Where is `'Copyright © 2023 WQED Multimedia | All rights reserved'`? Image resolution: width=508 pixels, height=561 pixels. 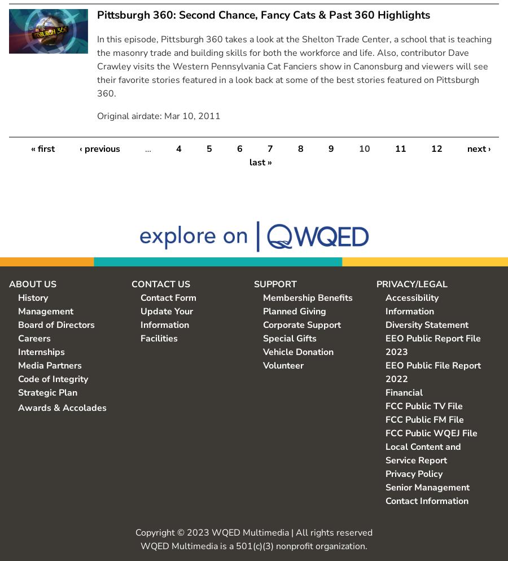 'Copyright © 2023 WQED Multimedia | All rights reserved' is located at coordinates (135, 532).